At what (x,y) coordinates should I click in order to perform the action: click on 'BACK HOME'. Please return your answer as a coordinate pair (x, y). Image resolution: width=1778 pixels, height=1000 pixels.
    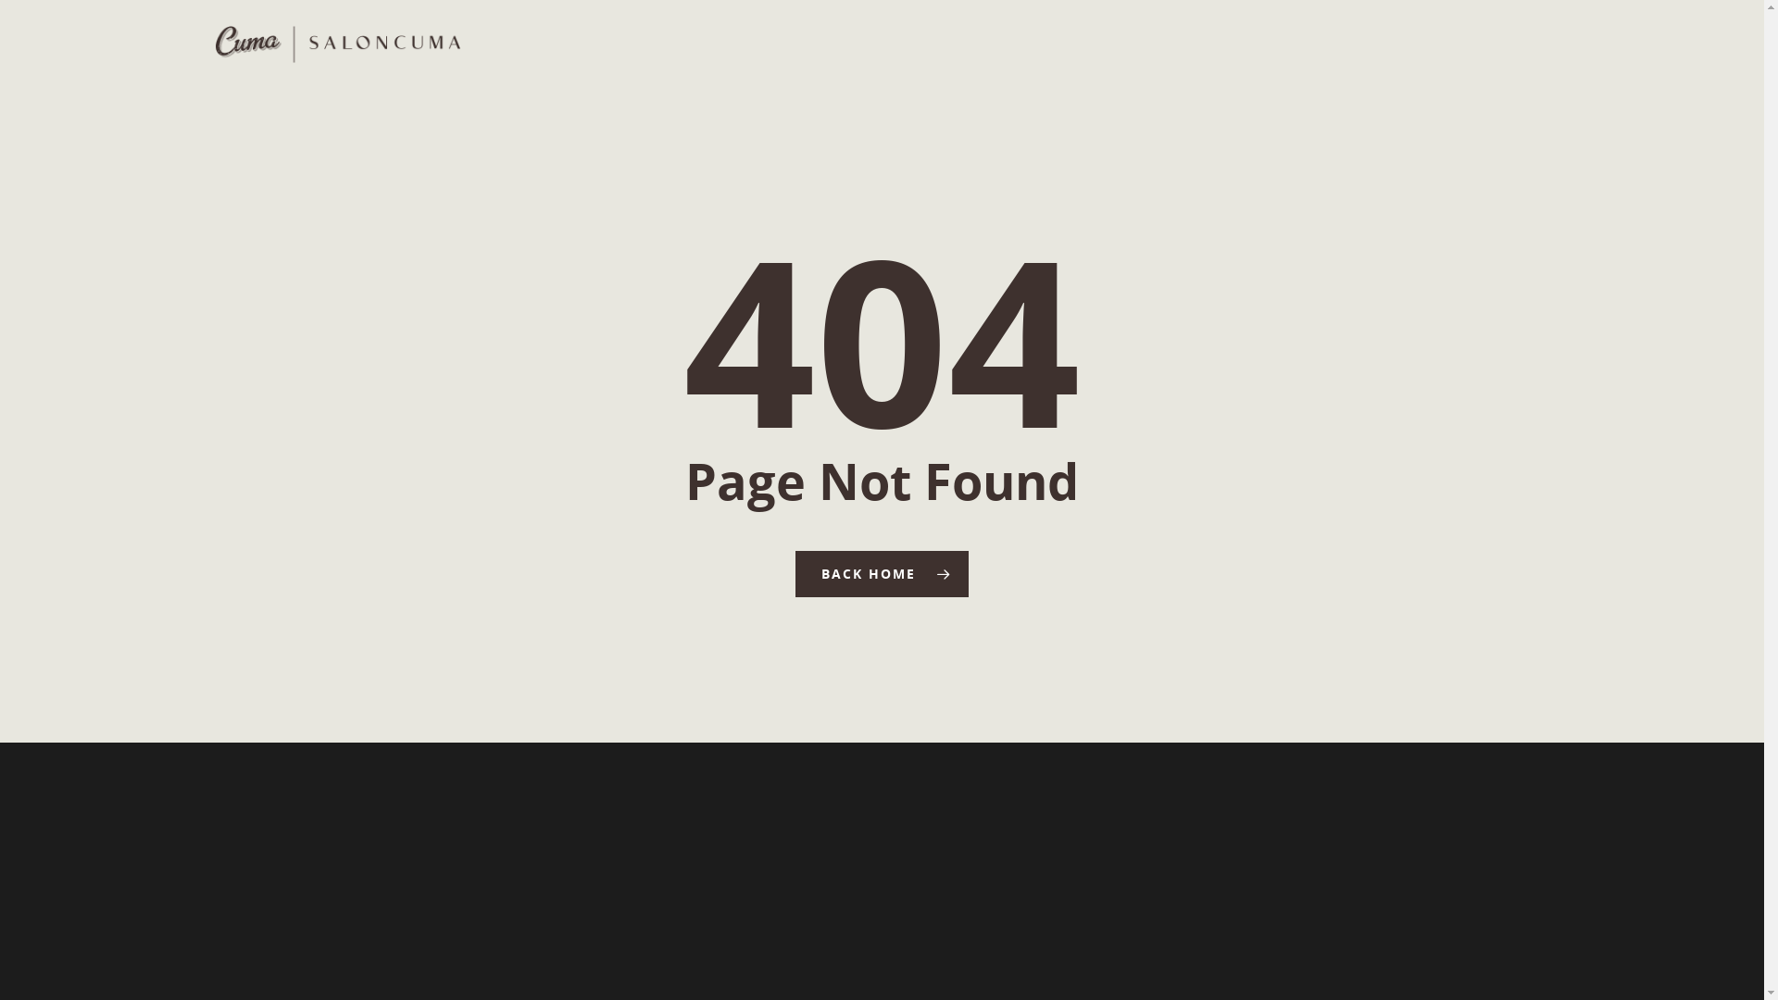
    Looking at the image, I should click on (881, 573).